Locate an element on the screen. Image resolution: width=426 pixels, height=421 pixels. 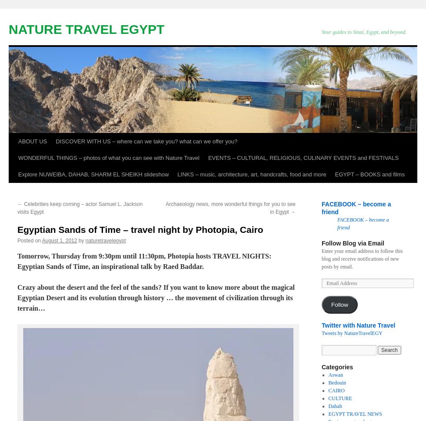
'Archaeology news, more wonderful things for you to see in Egypt' is located at coordinates (230, 208).